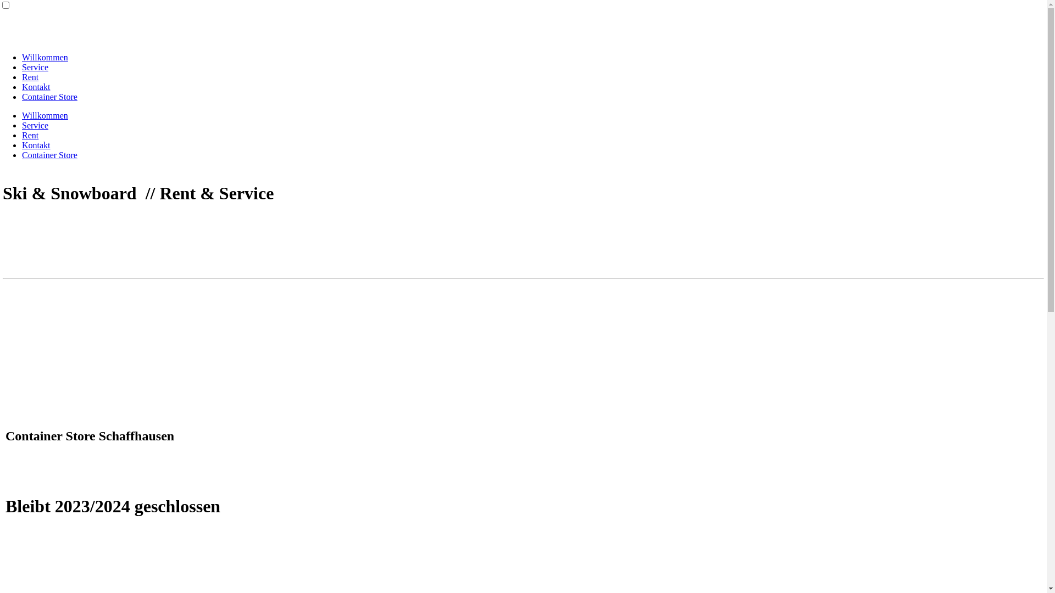 The height and width of the screenshot is (593, 1055). I want to click on 'Kontakt', so click(36, 144).